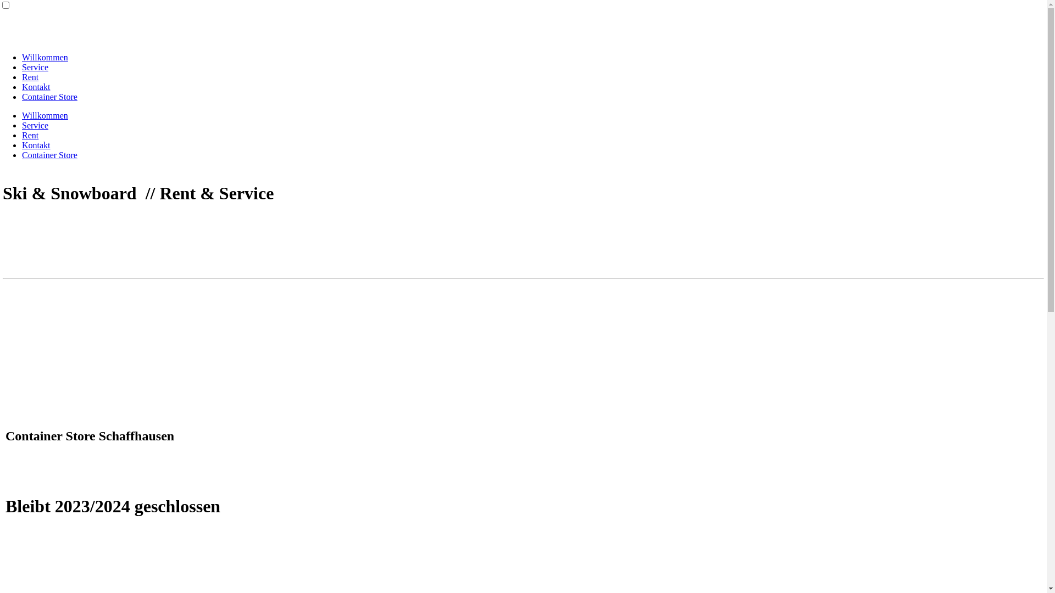 The height and width of the screenshot is (593, 1055). I want to click on 'Kontakt', so click(36, 144).